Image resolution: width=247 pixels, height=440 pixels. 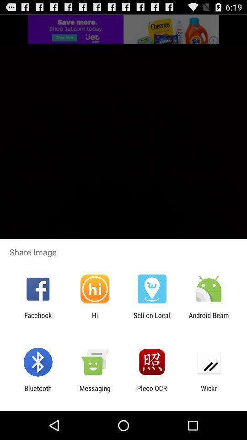 What do you see at coordinates (38, 392) in the screenshot?
I see `the bluetooth item` at bounding box center [38, 392].